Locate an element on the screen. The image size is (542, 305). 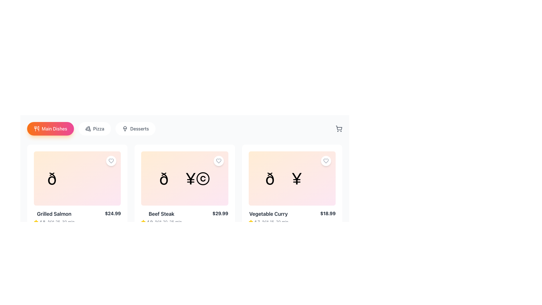
information displayed in the Informational Label for 'Grilled Salmon', which includes the title in bold, a rating with a yellow star, and a time estimate, located at the bottom-left corner of the first card in the 'Main Dishes' category is located at coordinates (54, 217).